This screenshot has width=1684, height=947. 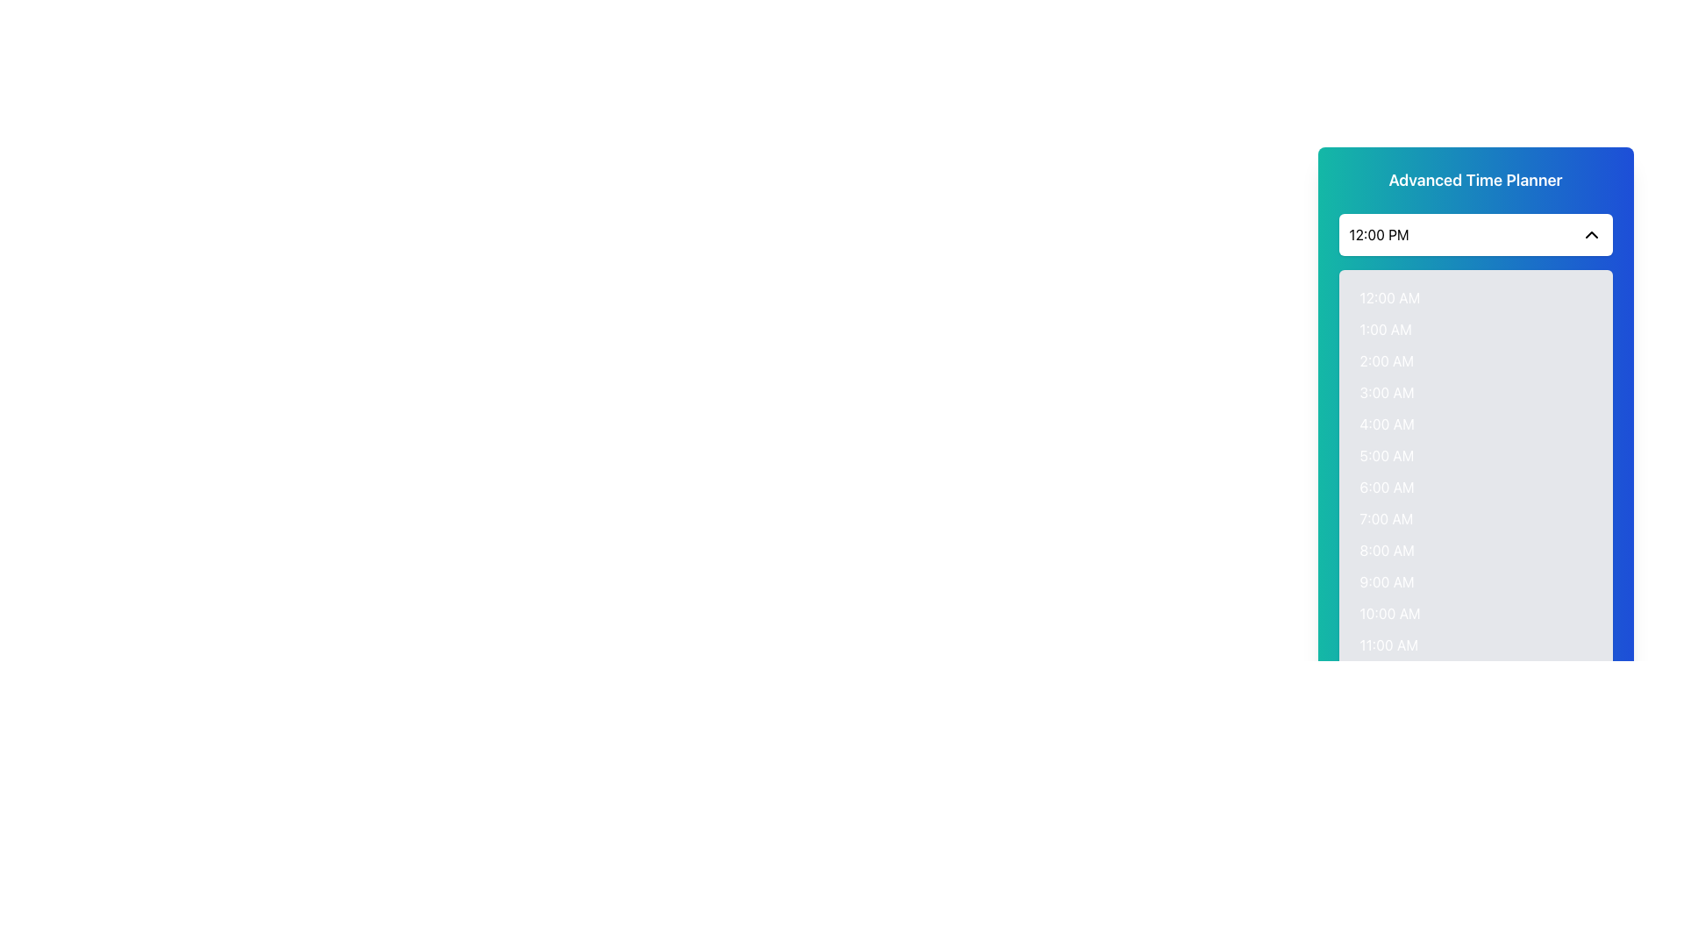 I want to click on the sixth list item displaying the time value '5:00 AM' in the dropdown menu, so click(x=1474, y=455).